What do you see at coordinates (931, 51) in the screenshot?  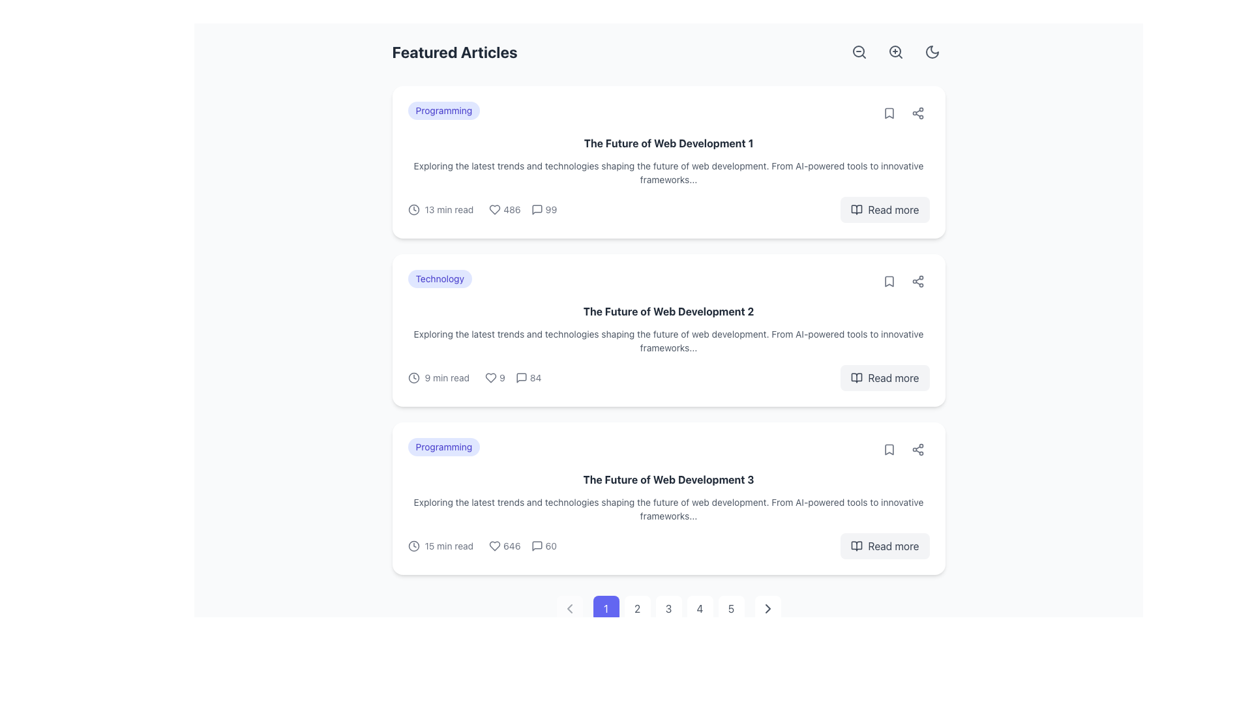 I see `the mode toggle icon located in the top-right corner of the user interface` at bounding box center [931, 51].